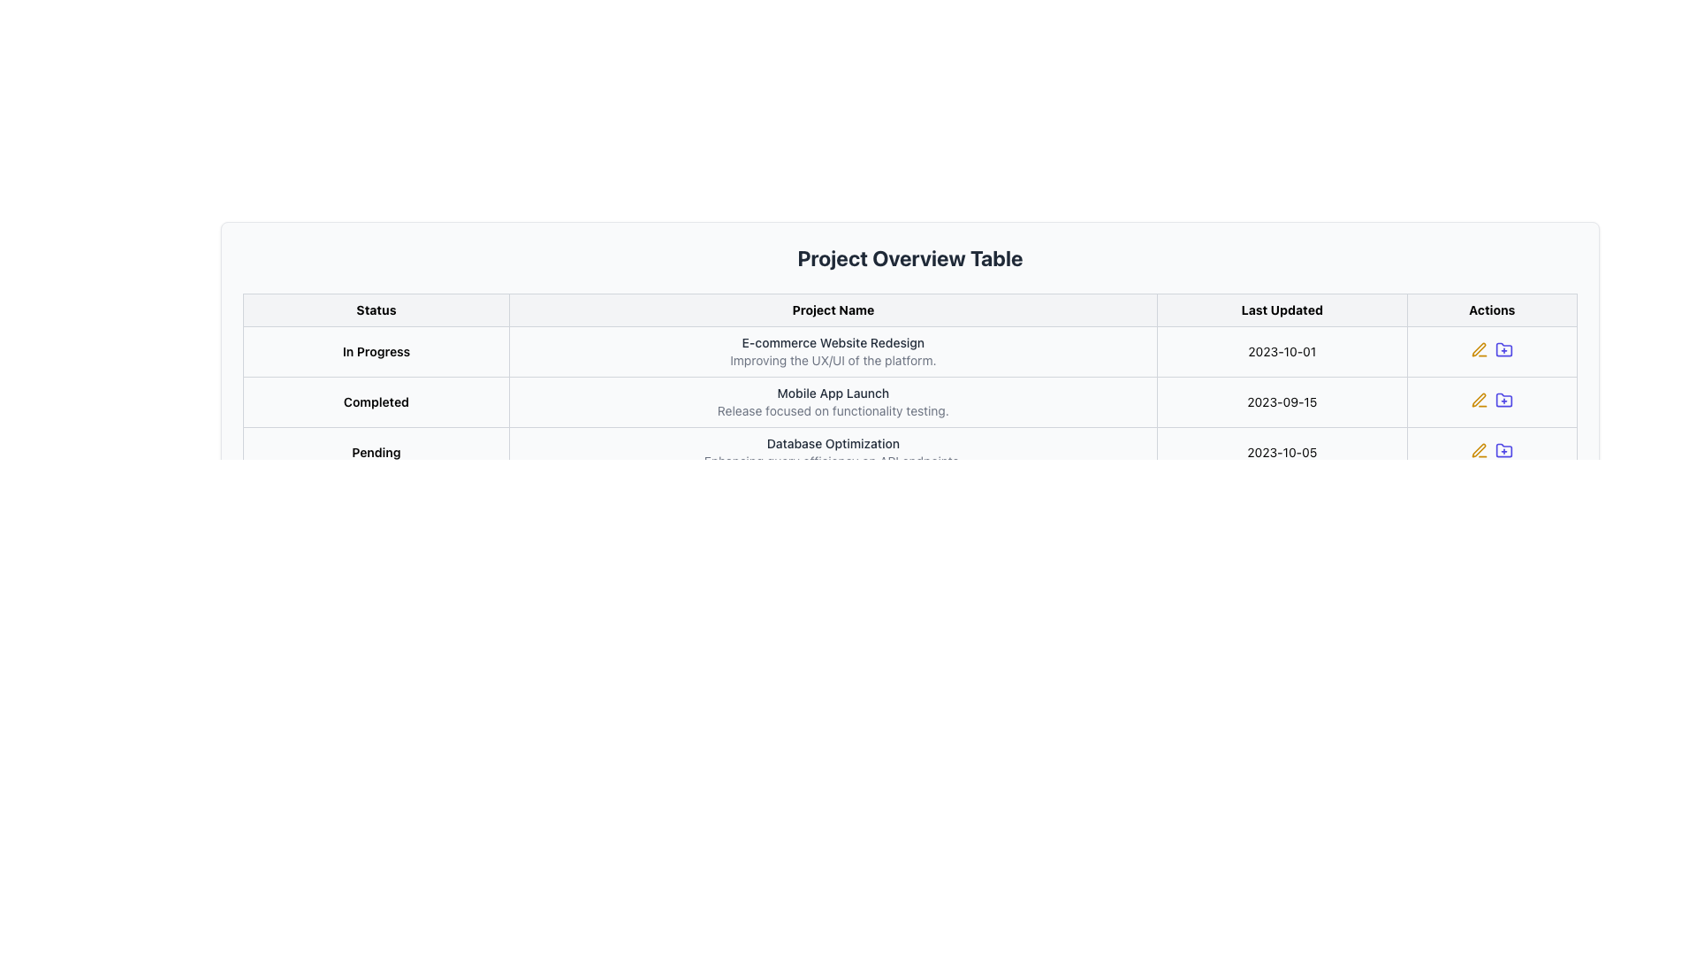 The width and height of the screenshot is (1697, 955). Describe the element at coordinates (1282, 309) in the screenshot. I see `text of the Table Header that indicates the last update time for entries, located as the third cell from the left in the header row of the table` at that location.